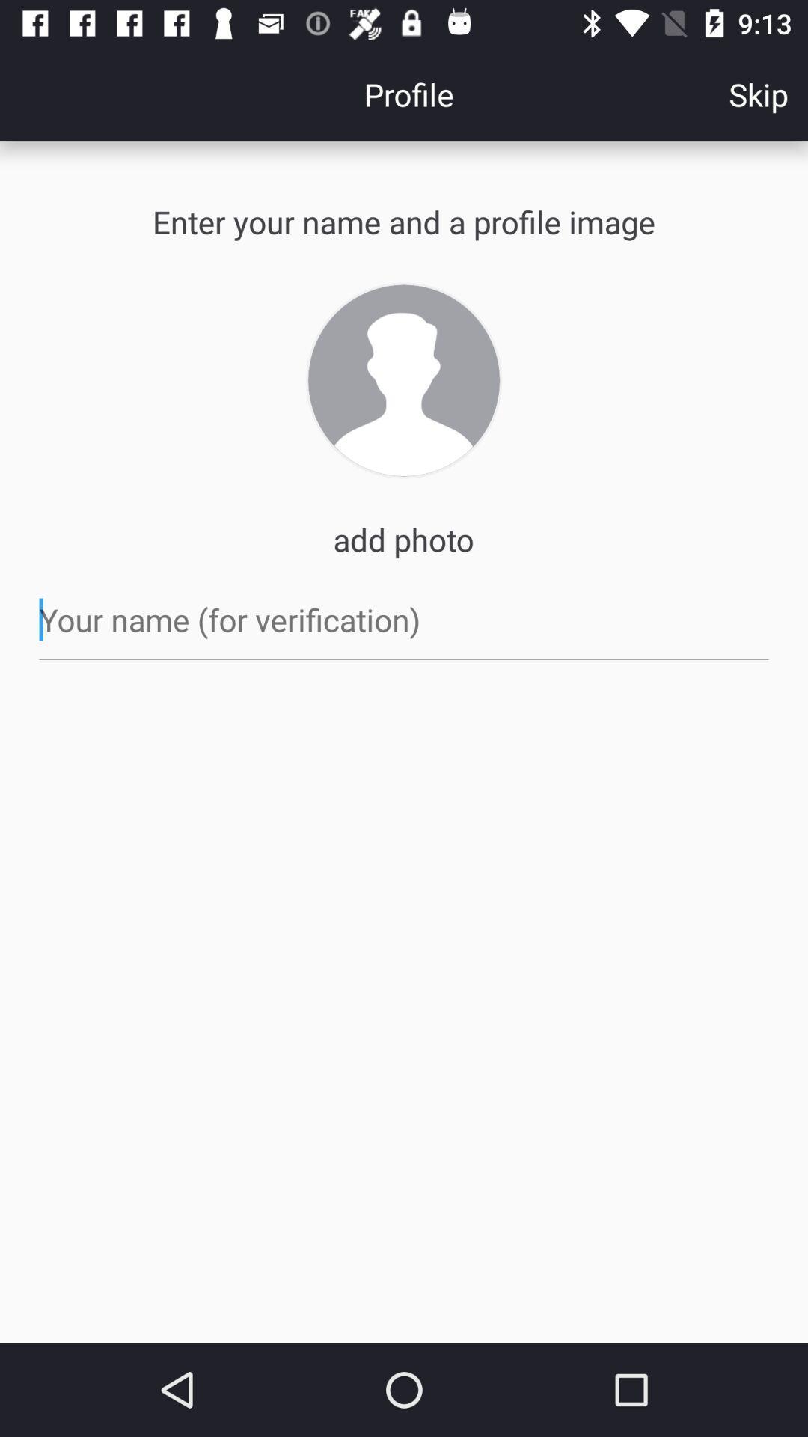 Image resolution: width=808 pixels, height=1437 pixels. I want to click on photo icon, so click(404, 380).